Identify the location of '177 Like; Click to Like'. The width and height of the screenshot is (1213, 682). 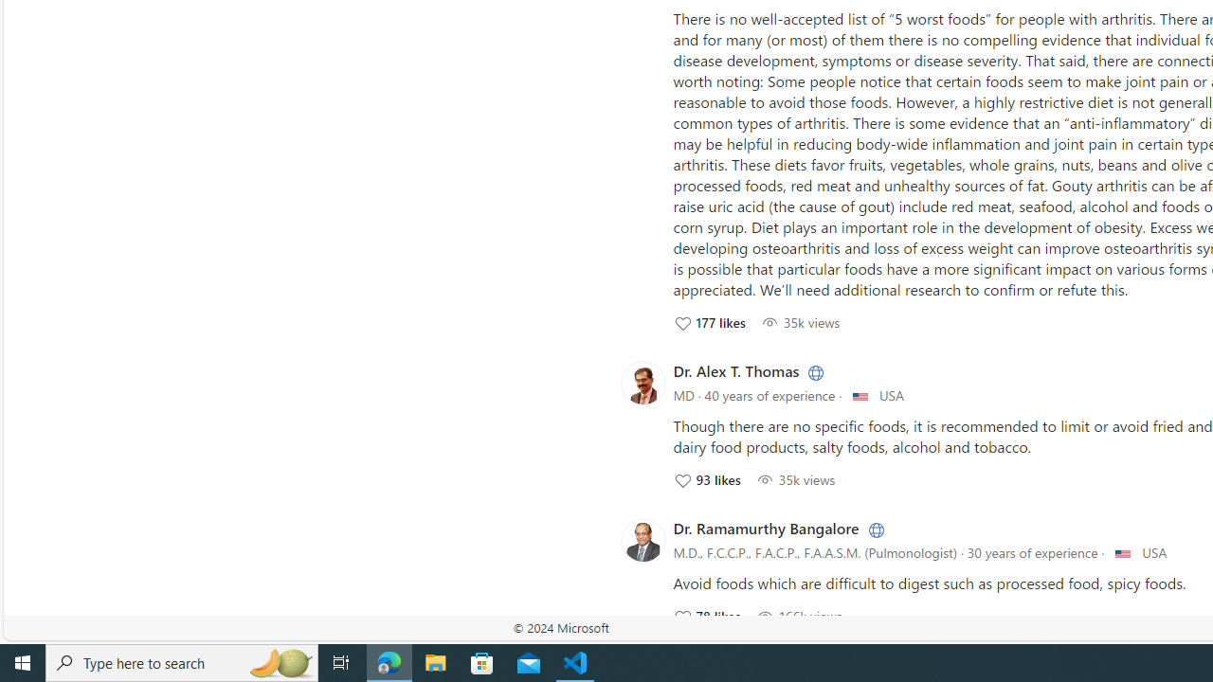
(708, 321).